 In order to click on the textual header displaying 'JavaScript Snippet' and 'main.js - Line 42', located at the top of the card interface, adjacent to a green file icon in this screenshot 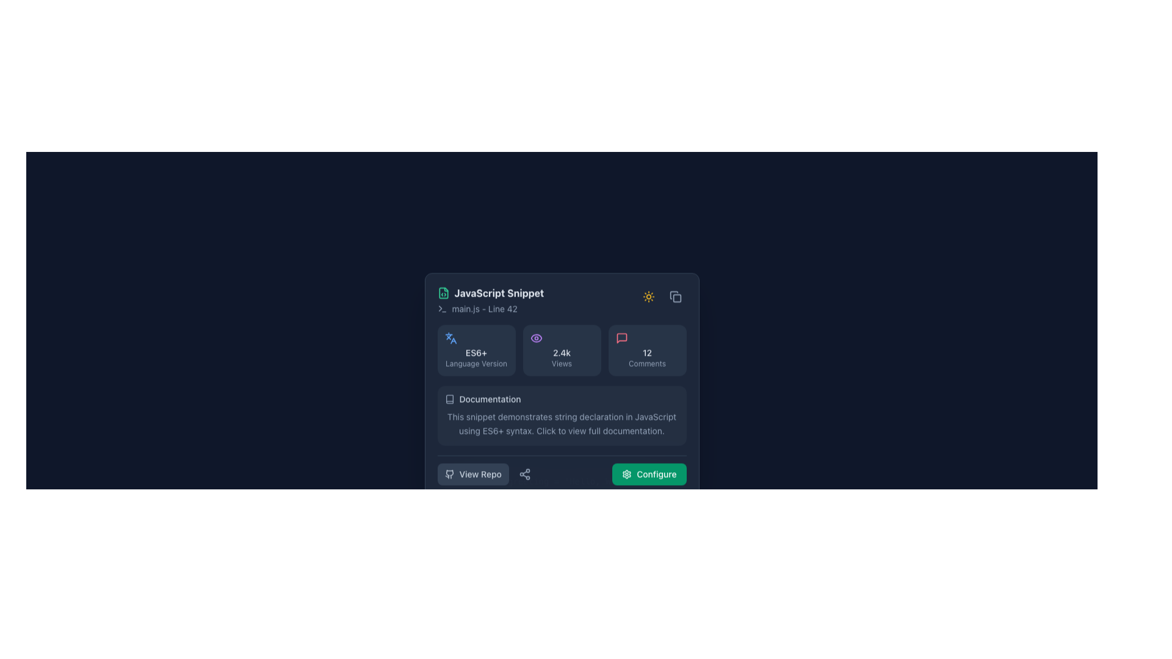, I will do `click(490, 300)`.